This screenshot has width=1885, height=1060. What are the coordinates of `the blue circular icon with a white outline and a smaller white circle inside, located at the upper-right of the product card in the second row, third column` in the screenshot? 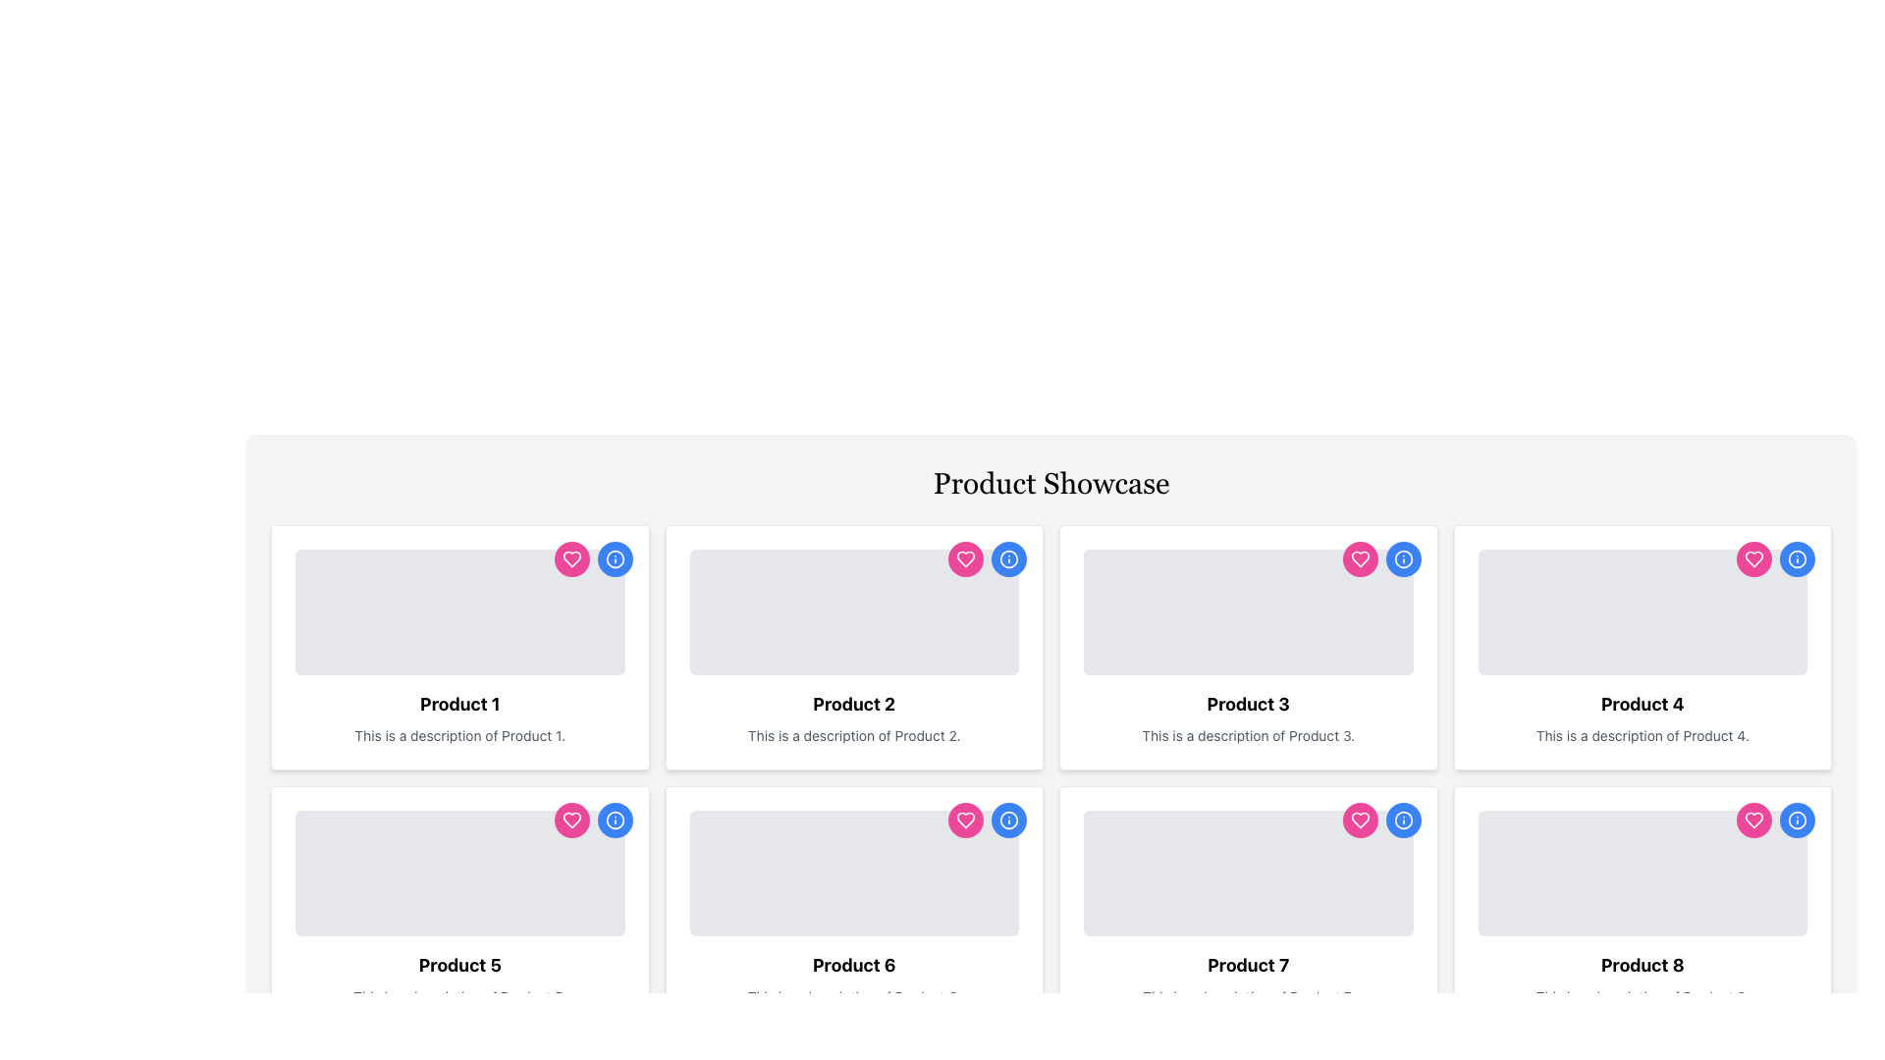 It's located at (1008, 821).